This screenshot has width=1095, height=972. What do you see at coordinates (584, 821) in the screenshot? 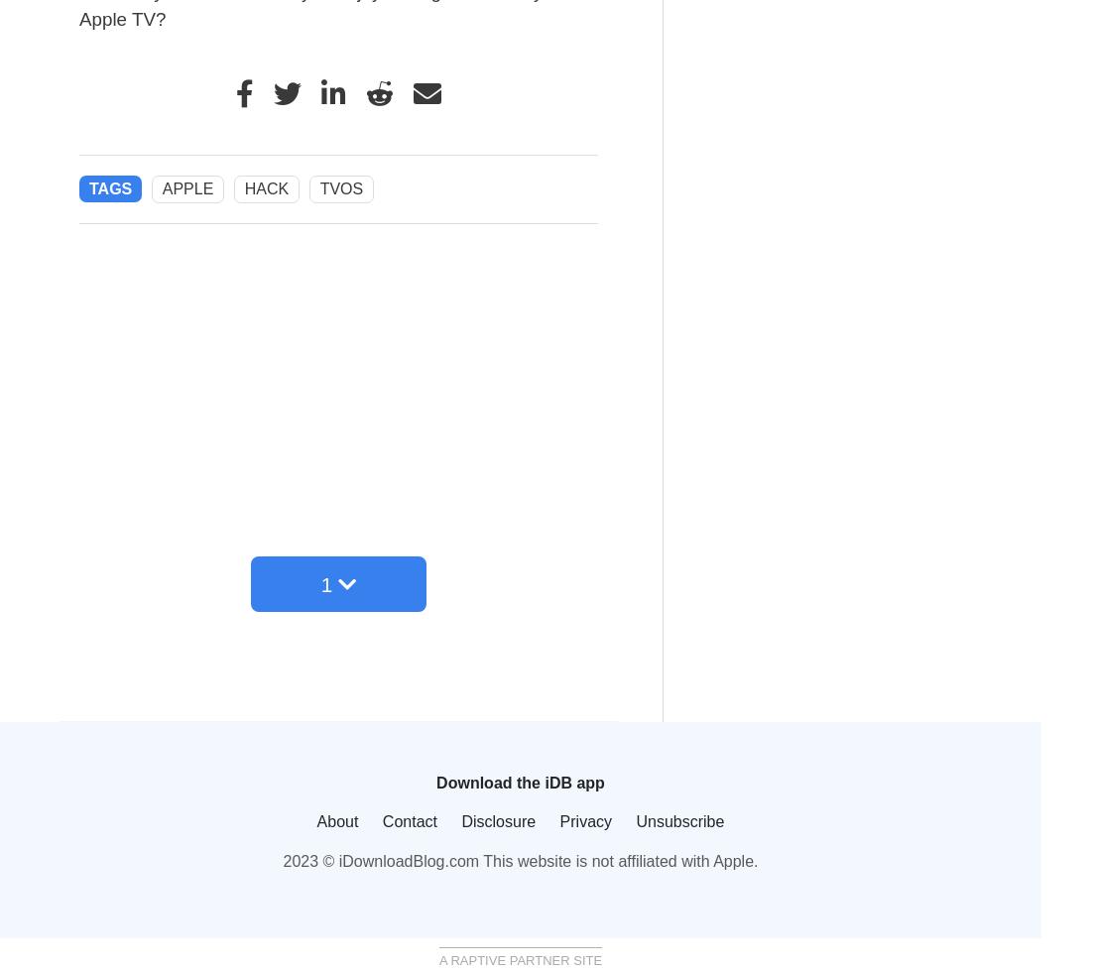
I see `'Privacy'` at bounding box center [584, 821].